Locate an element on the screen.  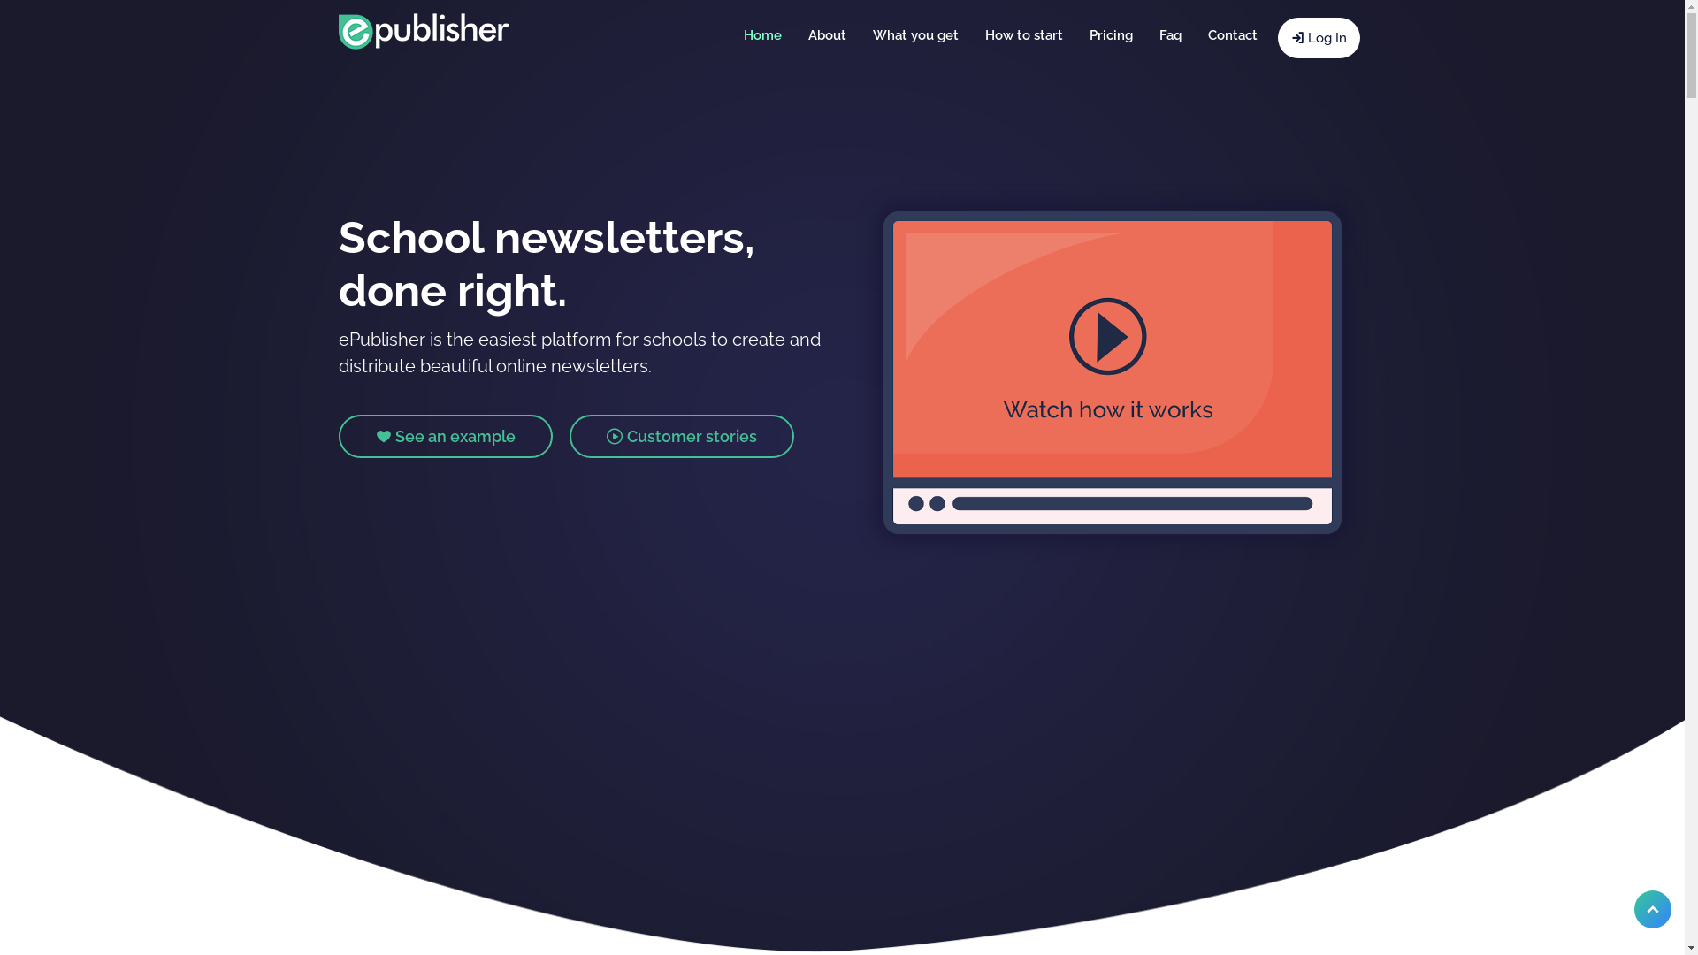
'Faq' is located at coordinates (1170, 34).